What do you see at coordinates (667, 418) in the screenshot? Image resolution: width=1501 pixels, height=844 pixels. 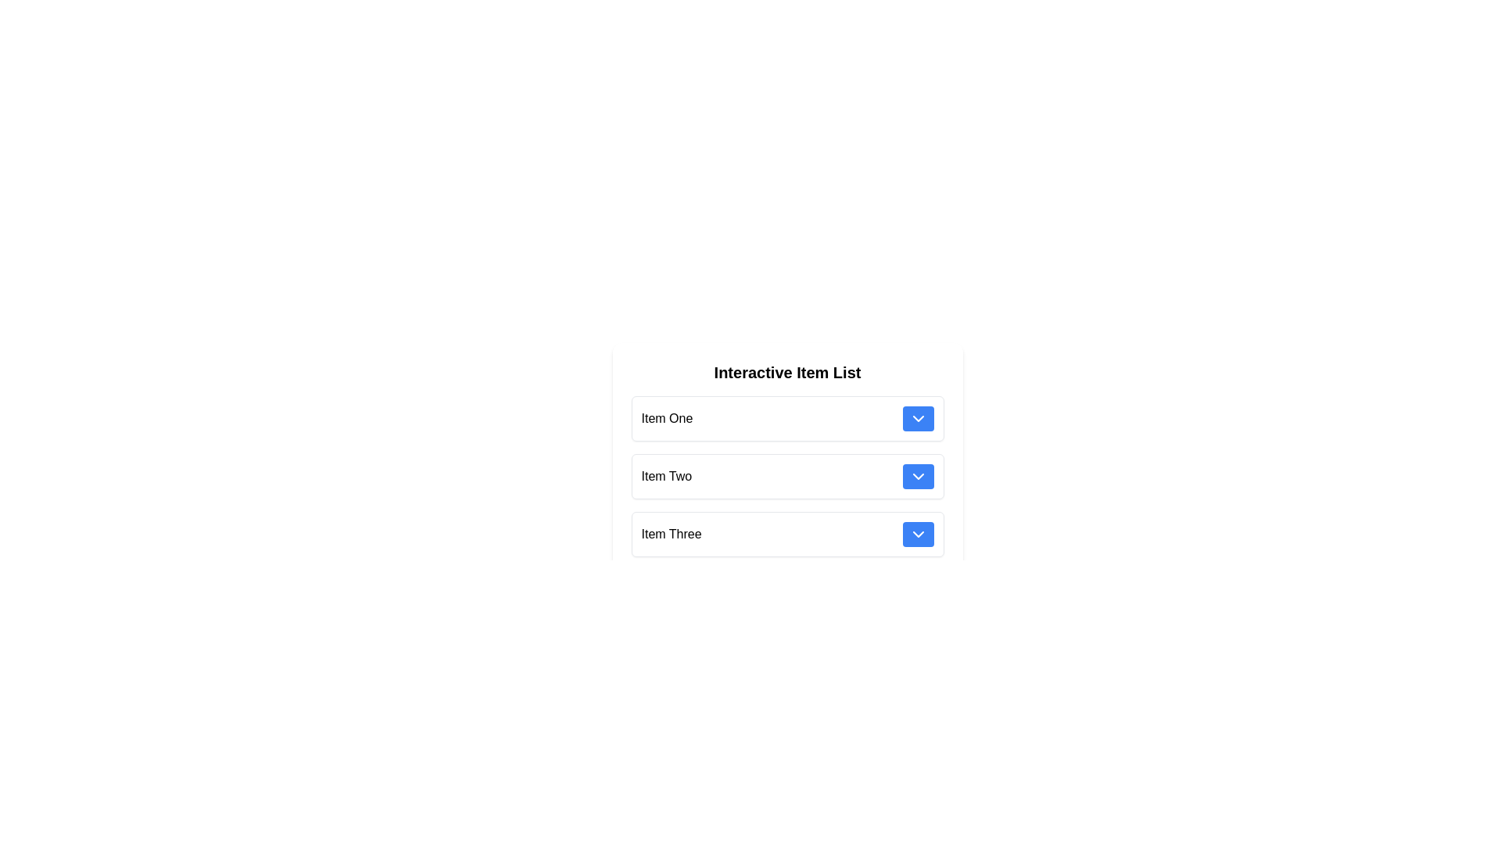 I see `the text label that serves as the entry title for the first item in the 'Interactive Item List', located to the left of a blue button and a dropdown arrow` at bounding box center [667, 418].